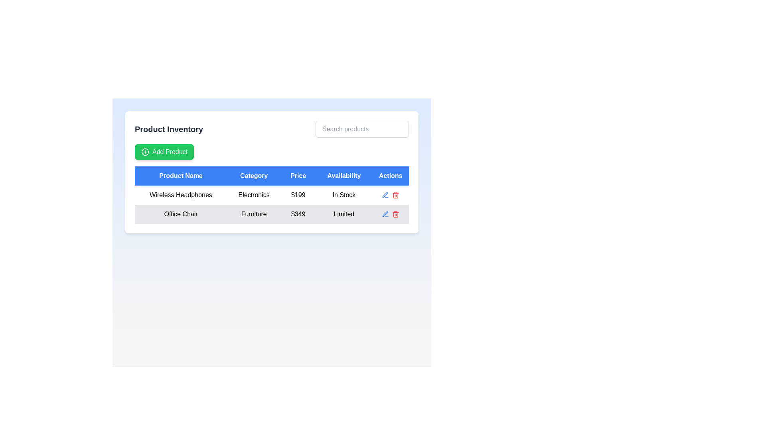 The height and width of the screenshot is (431, 766). Describe the element at coordinates (253, 195) in the screenshot. I see `text content of the 'Electronics' label, which is centered in the 'Category' column of the product table for 'Wireless Headphones'` at that location.